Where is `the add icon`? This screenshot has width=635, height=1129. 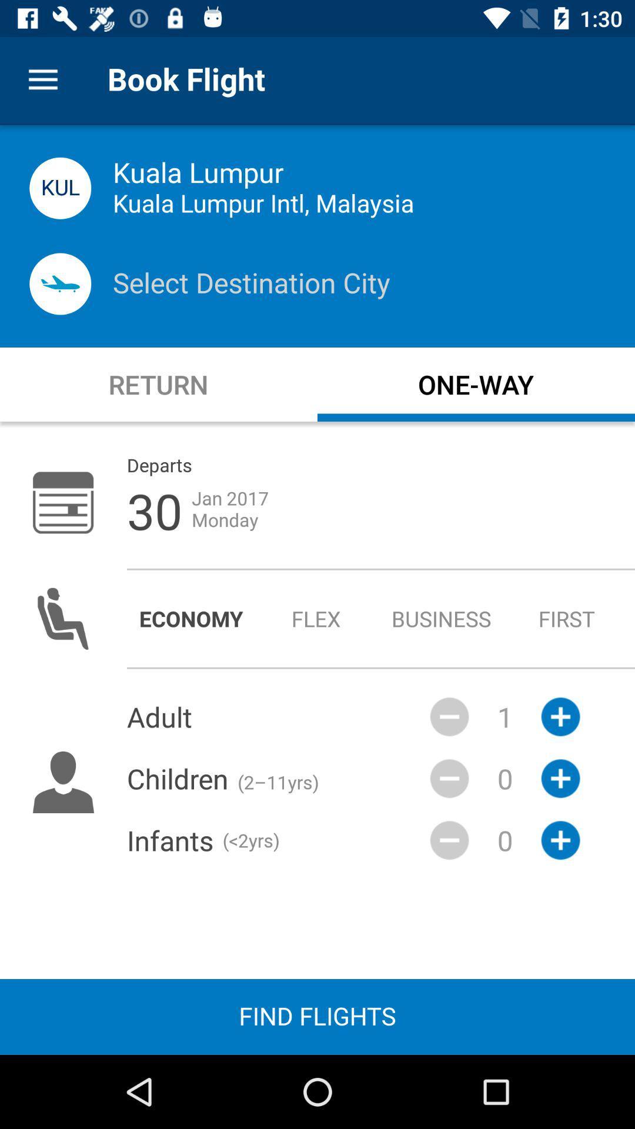 the add icon is located at coordinates (560, 840).